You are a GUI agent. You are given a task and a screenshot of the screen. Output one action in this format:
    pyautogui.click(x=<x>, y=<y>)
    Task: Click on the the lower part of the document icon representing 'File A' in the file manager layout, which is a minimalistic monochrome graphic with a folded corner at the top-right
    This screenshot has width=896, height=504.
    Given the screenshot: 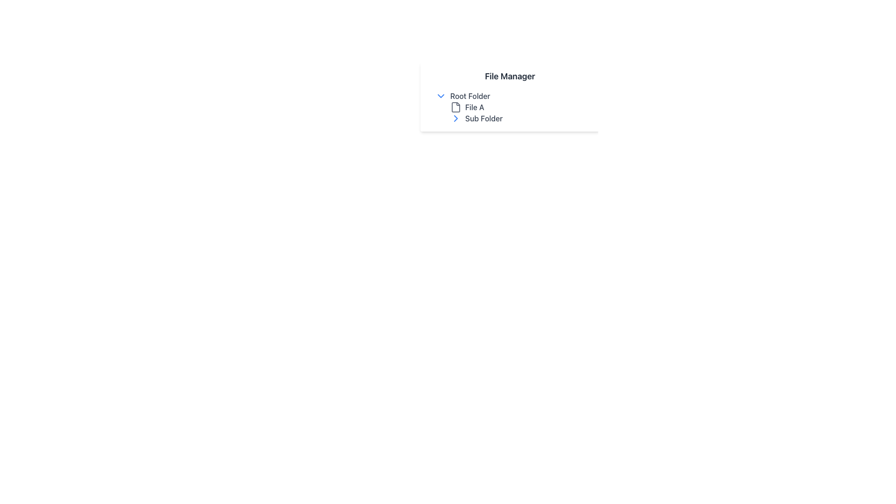 What is the action you would take?
    pyautogui.click(x=456, y=107)
    